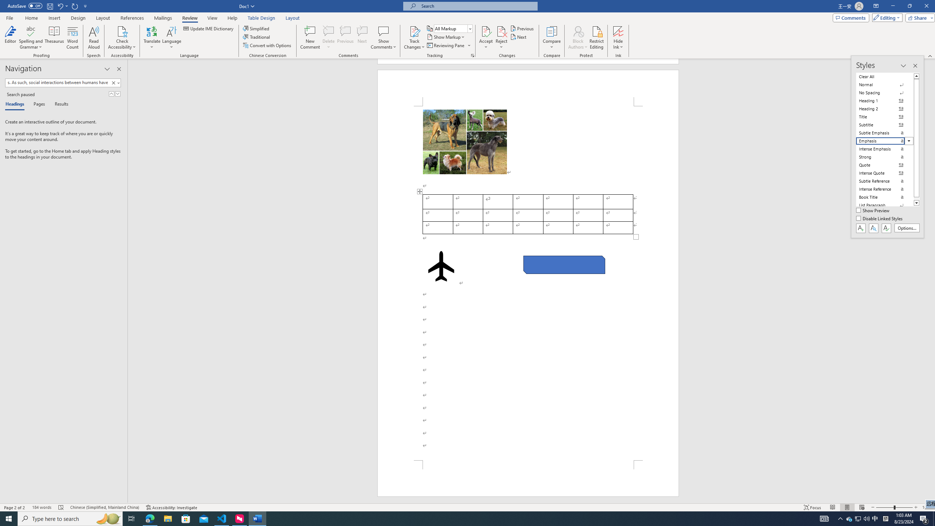 Image resolution: width=935 pixels, height=526 pixels. Describe the element at coordinates (209, 28) in the screenshot. I see `'Update IME Dictionary...'` at that location.